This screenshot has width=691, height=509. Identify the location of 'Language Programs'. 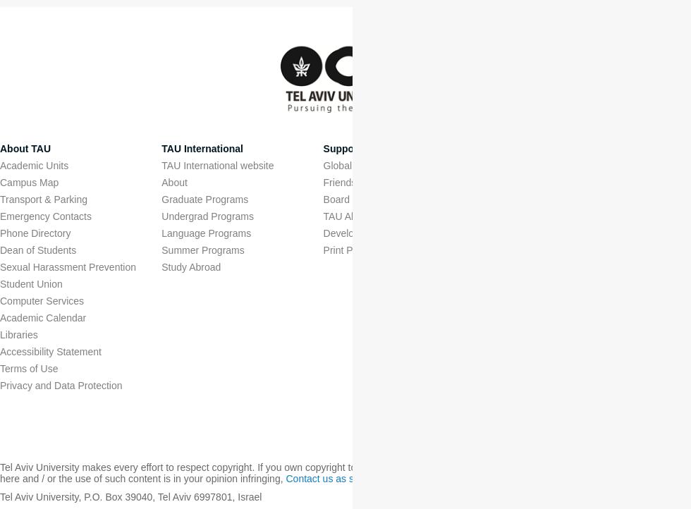
(206, 232).